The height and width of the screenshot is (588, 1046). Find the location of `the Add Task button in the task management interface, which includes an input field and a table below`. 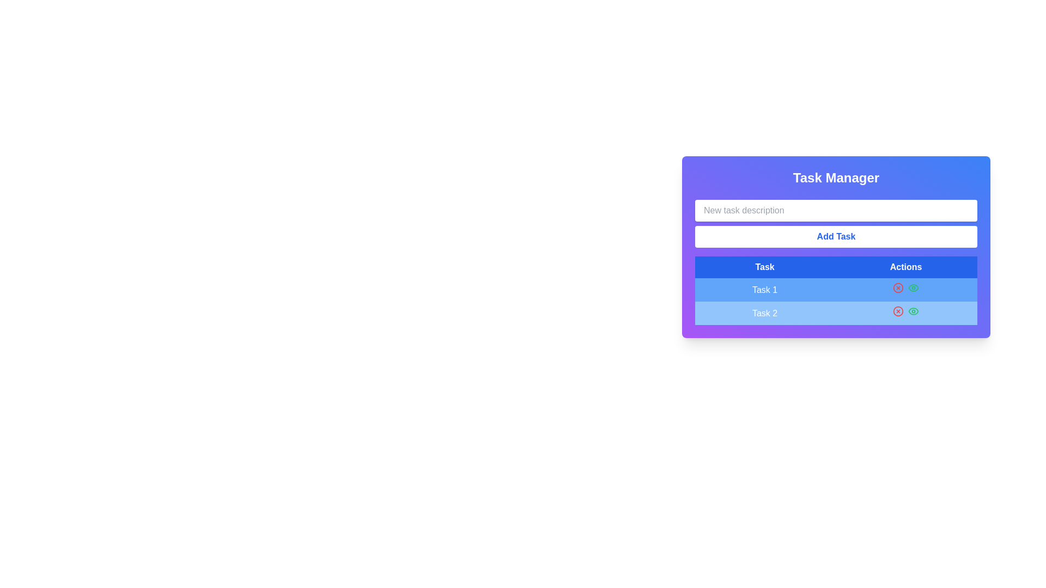

the Add Task button in the task management interface, which includes an input field and a table below is located at coordinates (836, 247).